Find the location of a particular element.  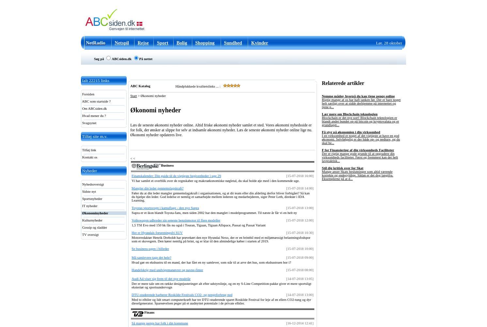

'TV oversigt' is located at coordinates (89, 235).